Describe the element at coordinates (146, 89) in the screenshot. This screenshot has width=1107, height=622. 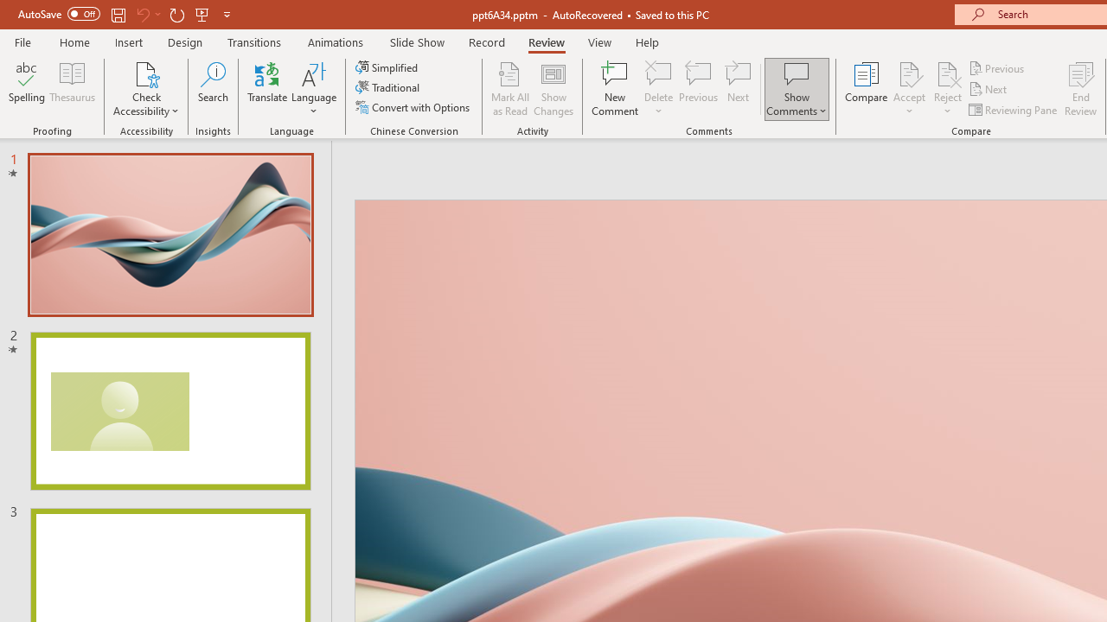
I see `'Check Accessibility'` at that location.